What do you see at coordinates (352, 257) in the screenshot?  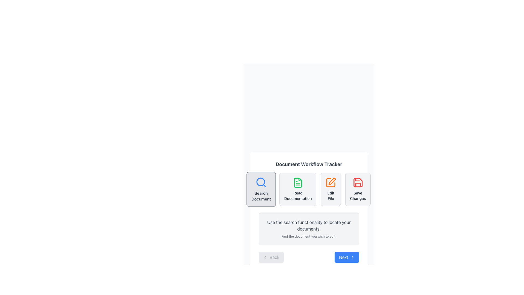 I see `the forward action icon located on the right edge of the 'Next' button in the bottom-right control area of the workflow interface` at bounding box center [352, 257].